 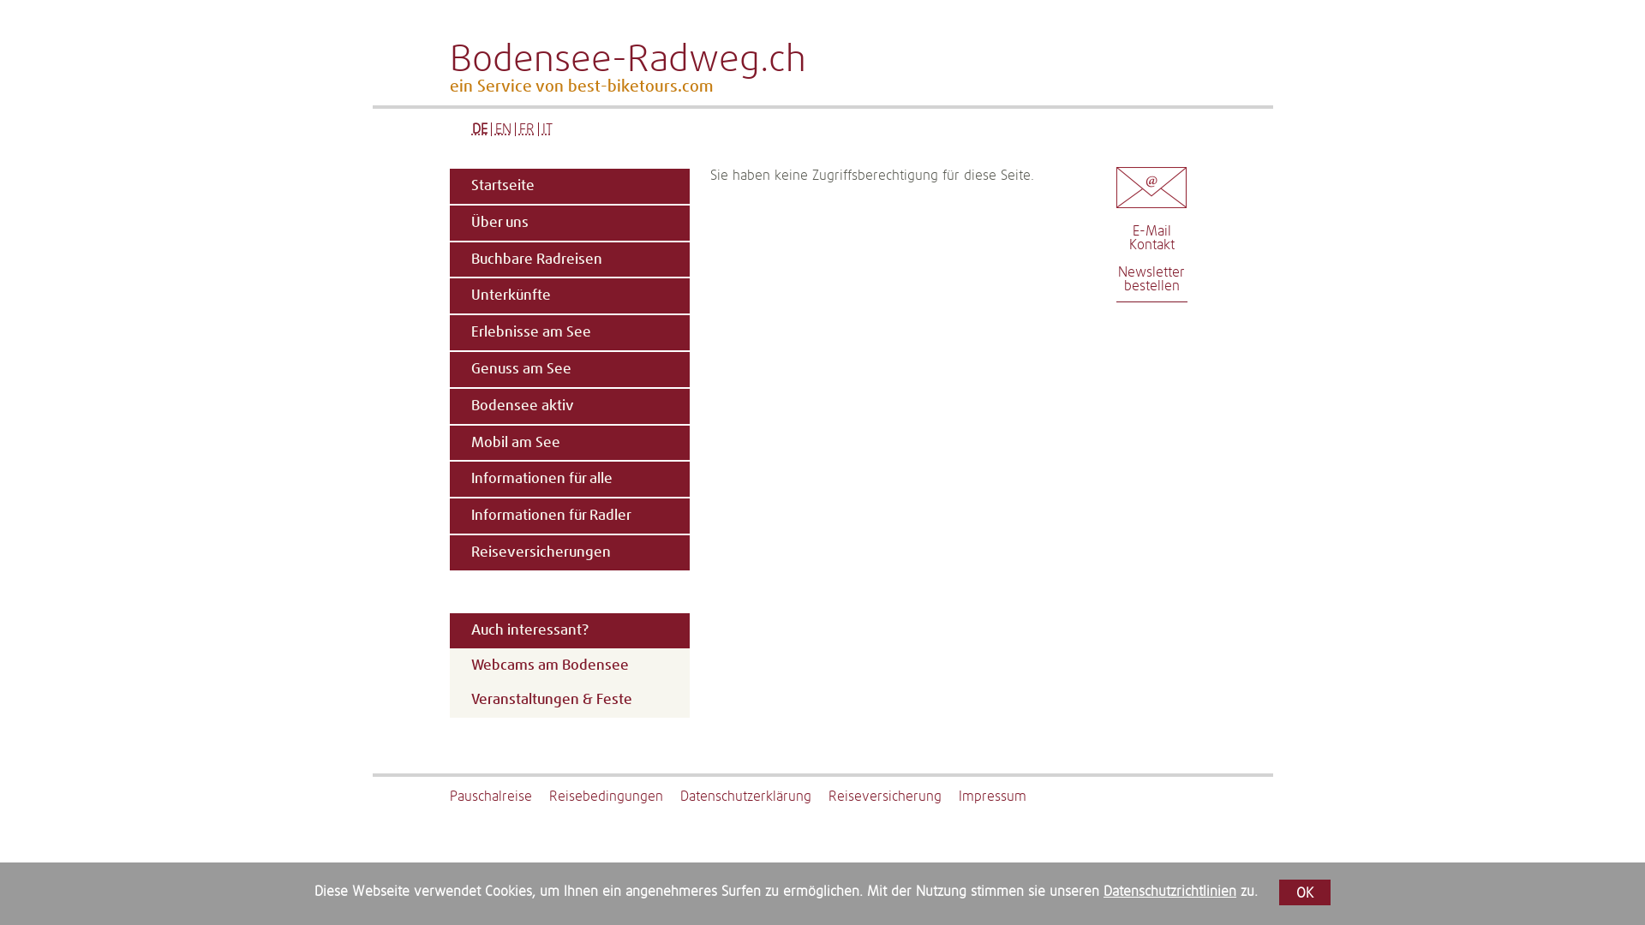 I want to click on 'Reisebedingungen', so click(x=613, y=796).